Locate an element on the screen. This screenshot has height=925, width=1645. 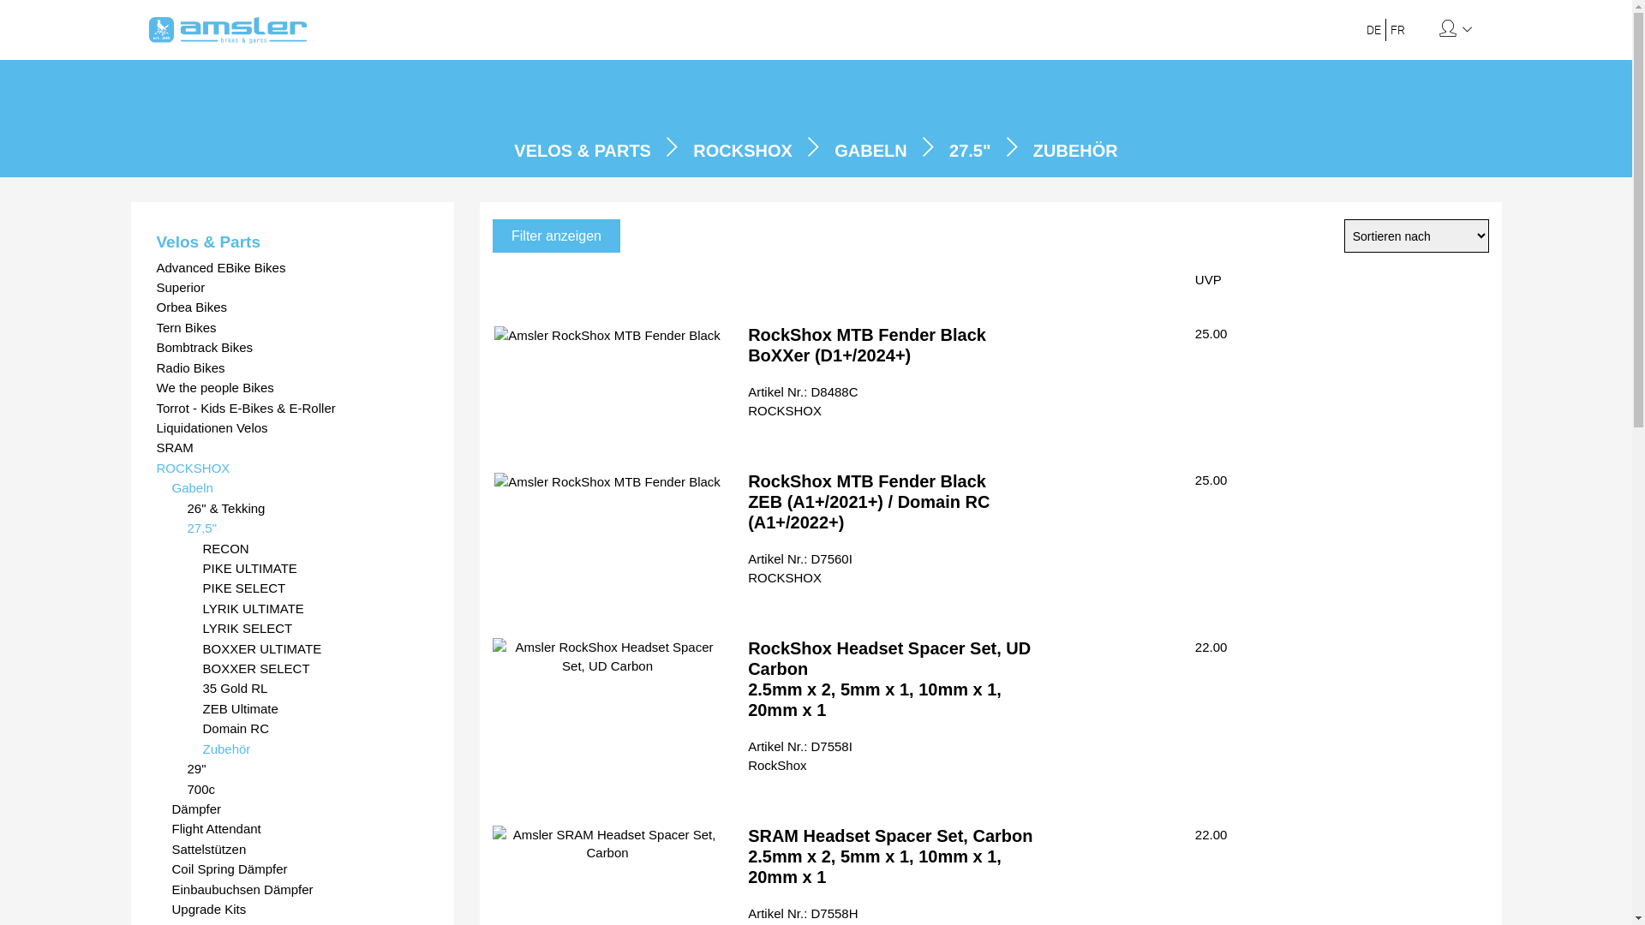
'DE' is located at coordinates (1365, 29).